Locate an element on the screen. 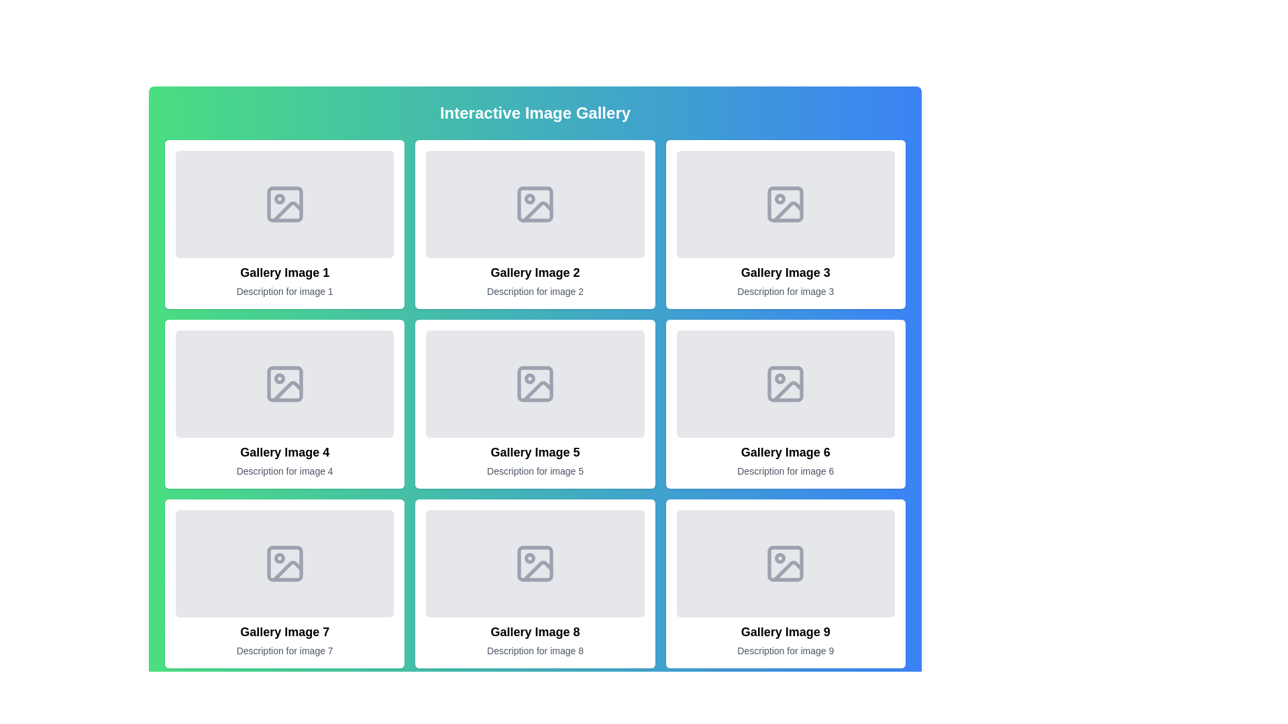 This screenshot has width=1288, height=724. the image placeholder icon located in the second tile of the grid layout is located at coordinates (534, 204).